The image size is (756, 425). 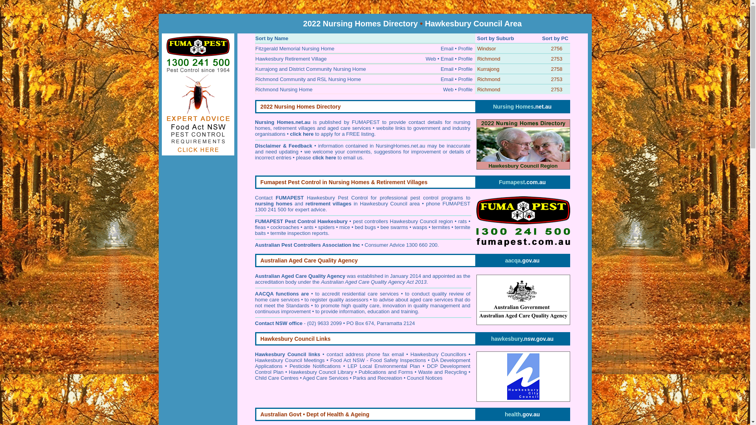 I want to click on 'Windsor', so click(x=486, y=48).